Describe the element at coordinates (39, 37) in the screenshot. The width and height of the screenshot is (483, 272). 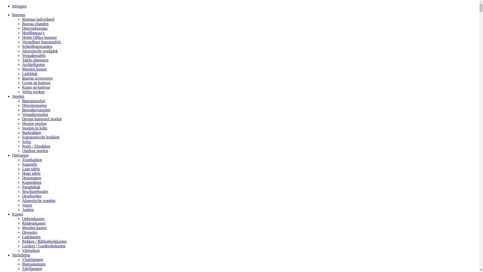
I see `'Home Office bureaus'` at that location.